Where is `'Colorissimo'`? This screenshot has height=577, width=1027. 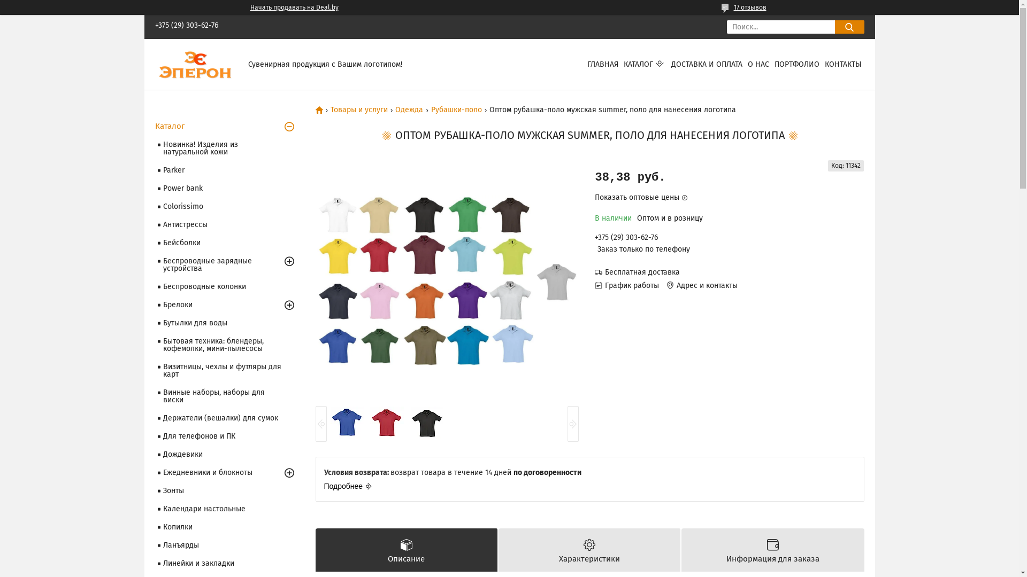 'Colorissimo' is located at coordinates (227, 206).